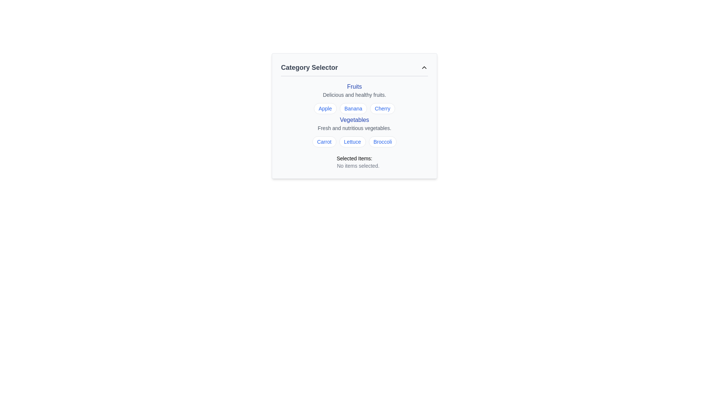 The width and height of the screenshot is (709, 399). What do you see at coordinates (358, 165) in the screenshot?
I see `text label that displays 'No items selected.' beneath the 'Selected Items' heading in a card layout` at bounding box center [358, 165].